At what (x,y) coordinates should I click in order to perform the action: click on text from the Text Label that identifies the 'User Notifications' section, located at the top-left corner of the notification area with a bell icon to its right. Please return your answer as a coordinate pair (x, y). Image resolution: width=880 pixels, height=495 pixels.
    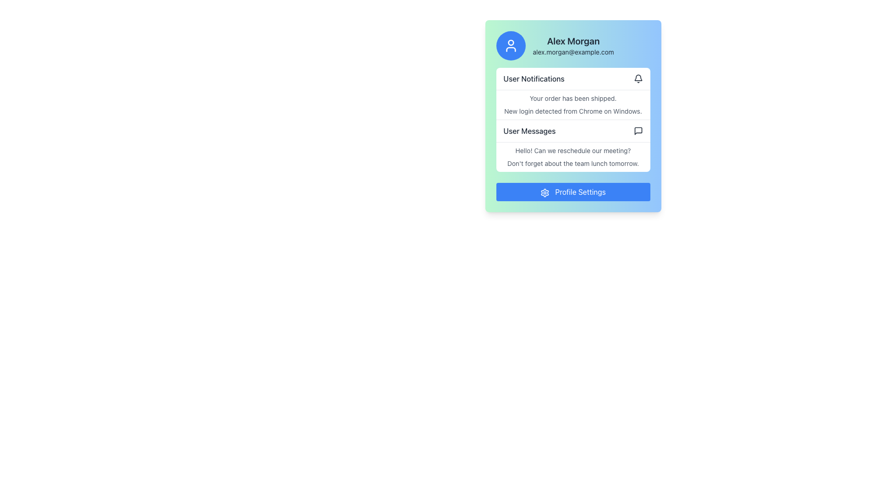
    Looking at the image, I should click on (534, 78).